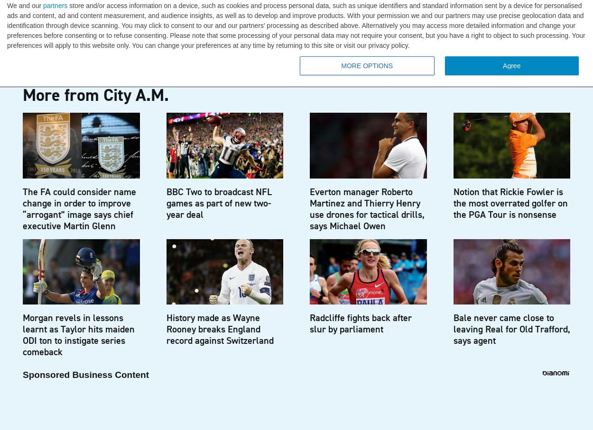 The height and width of the screenshot is (430, 593). What do you see at coordinates (81, 12) in the screenshot?
I see `'Related Topics'` at bounding box center [81, 12].